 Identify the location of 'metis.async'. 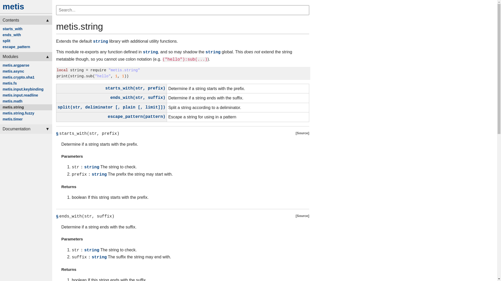
(26, 71).